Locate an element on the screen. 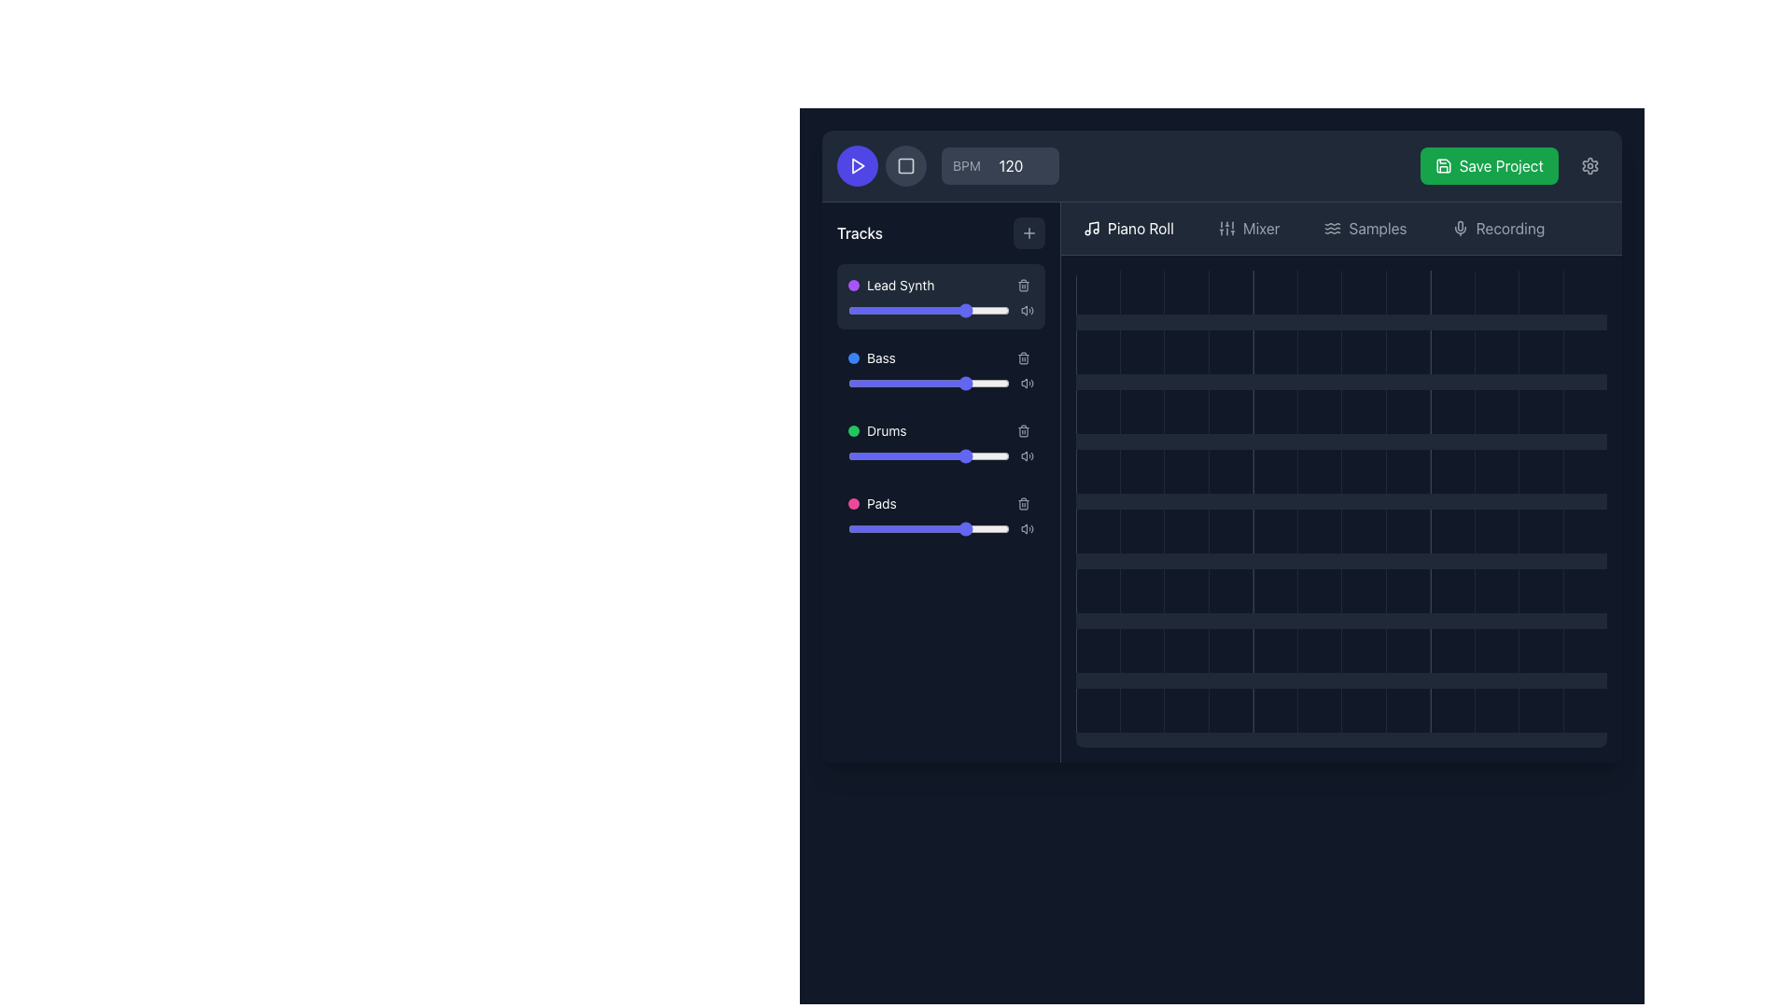 This screenshot has width=1792, height=1008. the 'Save Project' button with a green background and white text located in the top-right corner of the interface is located at coordinates (1488, 164).